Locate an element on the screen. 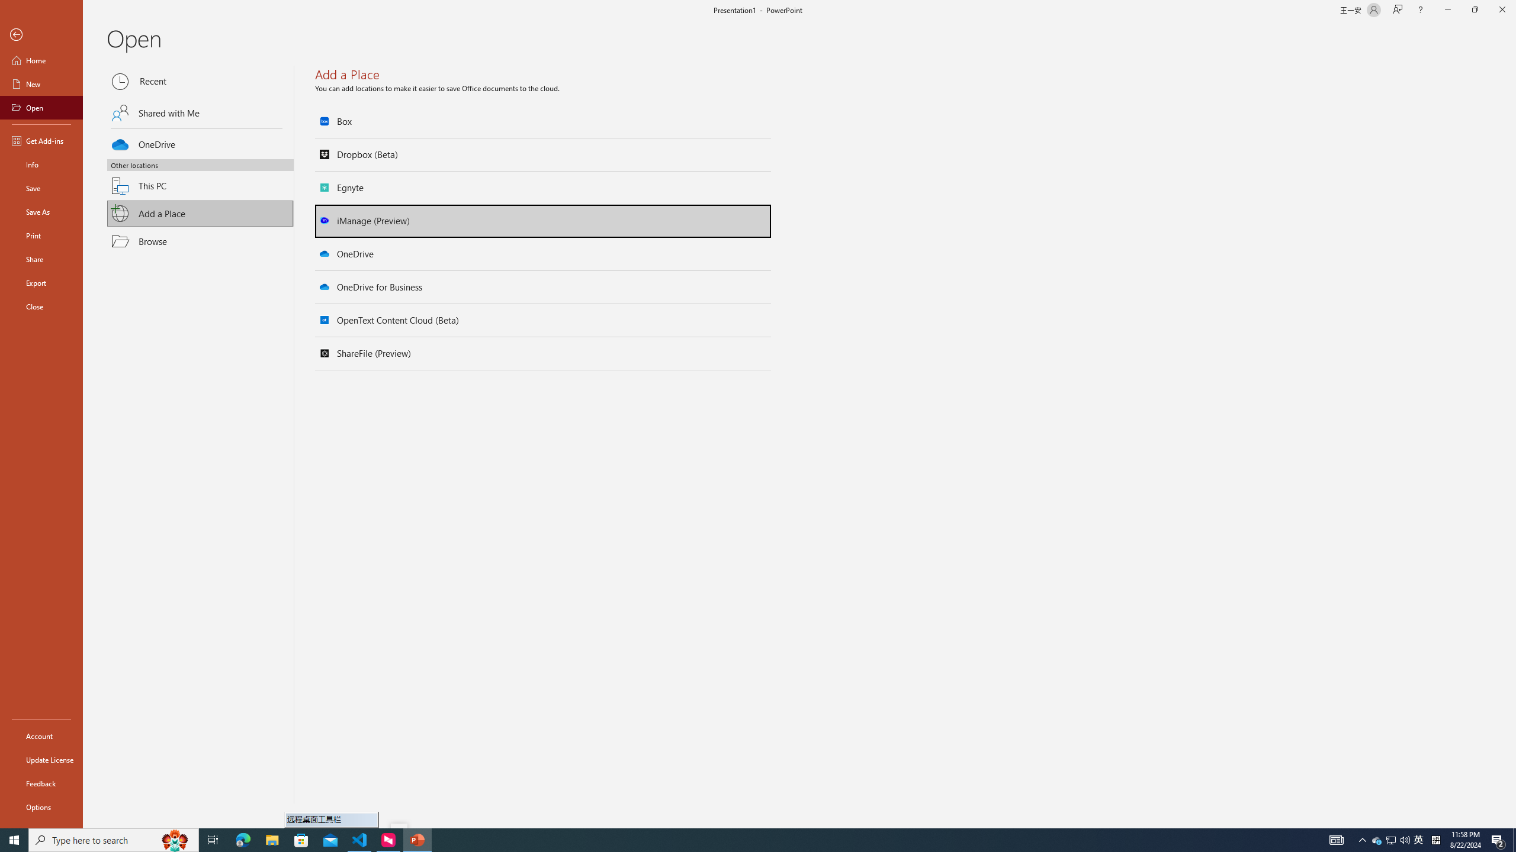 The width and height of the screenshot is (1516, 852). 'Save As' is located at coordinates (41, 211).